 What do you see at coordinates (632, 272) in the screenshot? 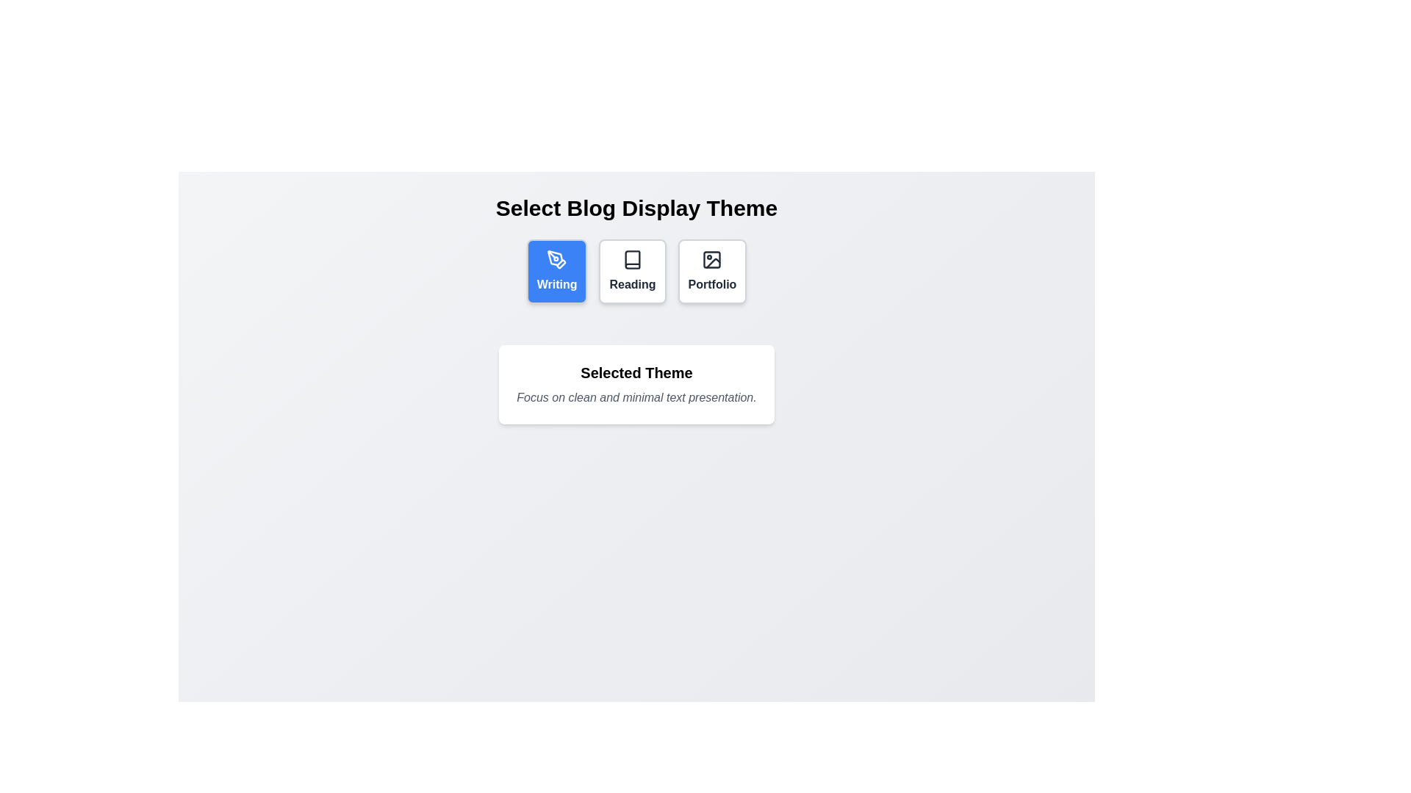
I see `the button to select the theme Reading` at bounding box center [632, 272].